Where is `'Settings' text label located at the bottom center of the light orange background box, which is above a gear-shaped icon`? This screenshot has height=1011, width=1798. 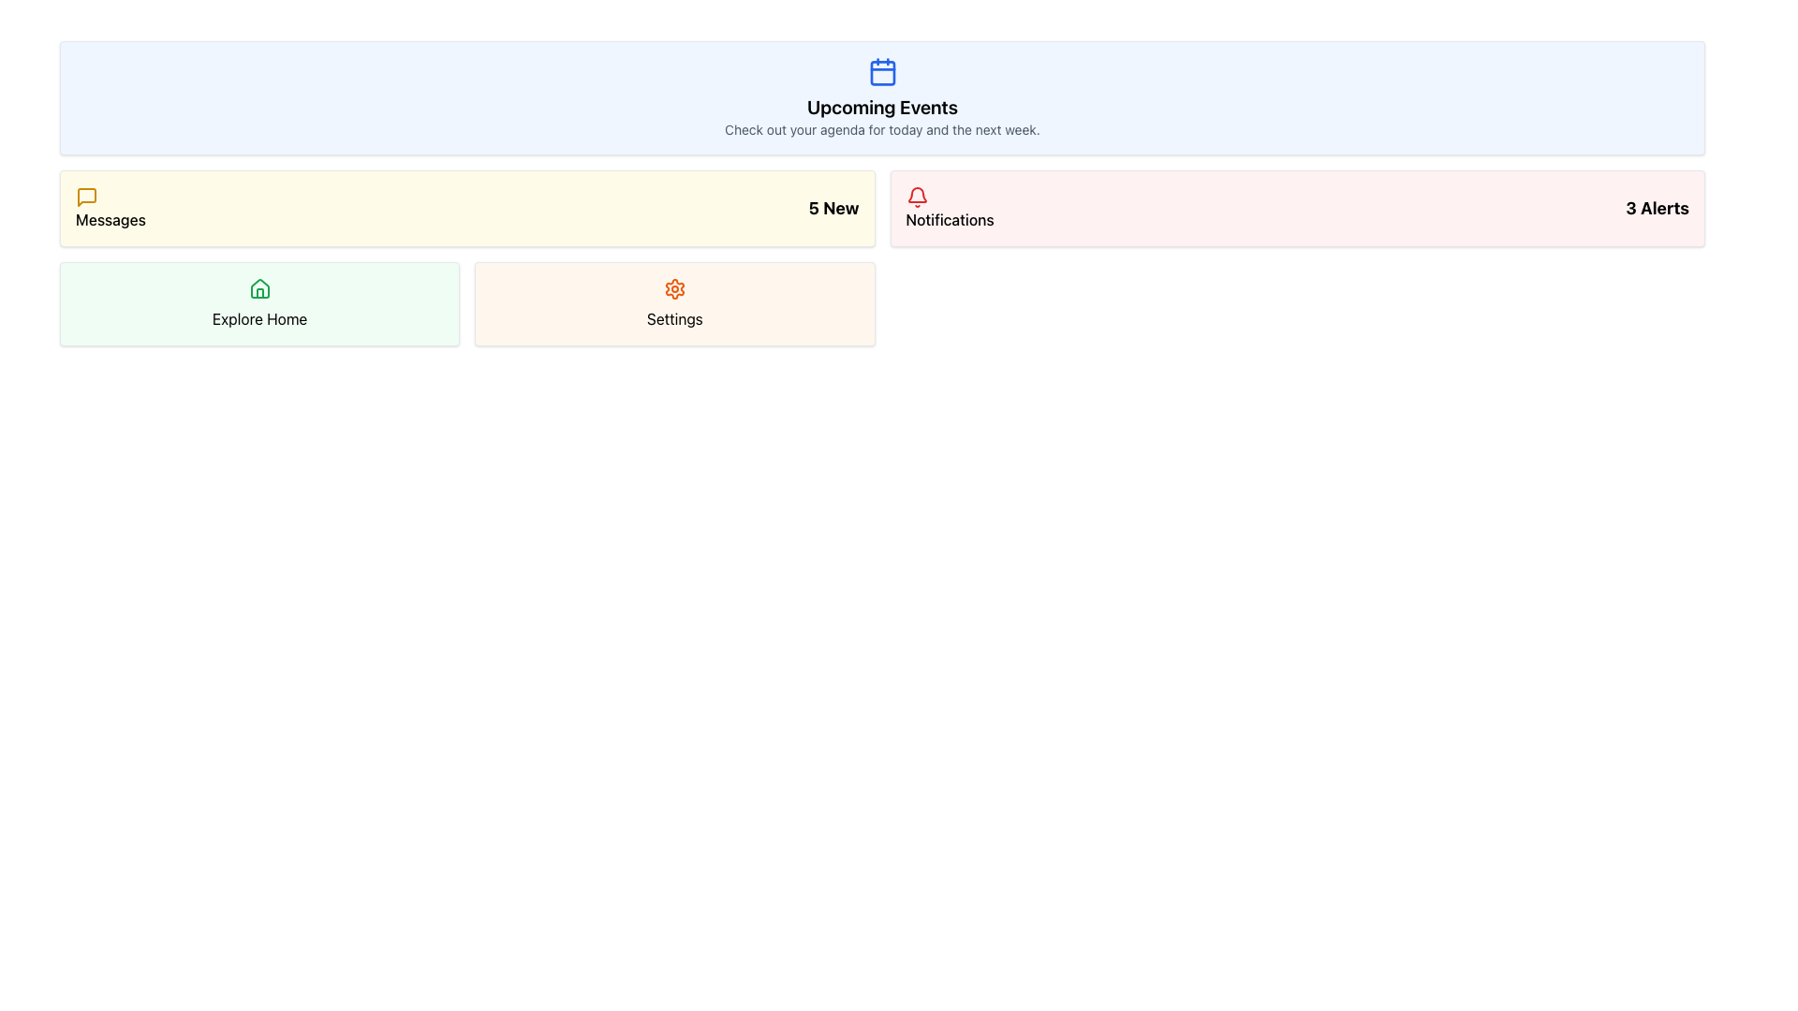 'Settings' text label located at the bottom center of the light orange background box, which is above a gear-shaped icon is located at coordinates (674, 317).